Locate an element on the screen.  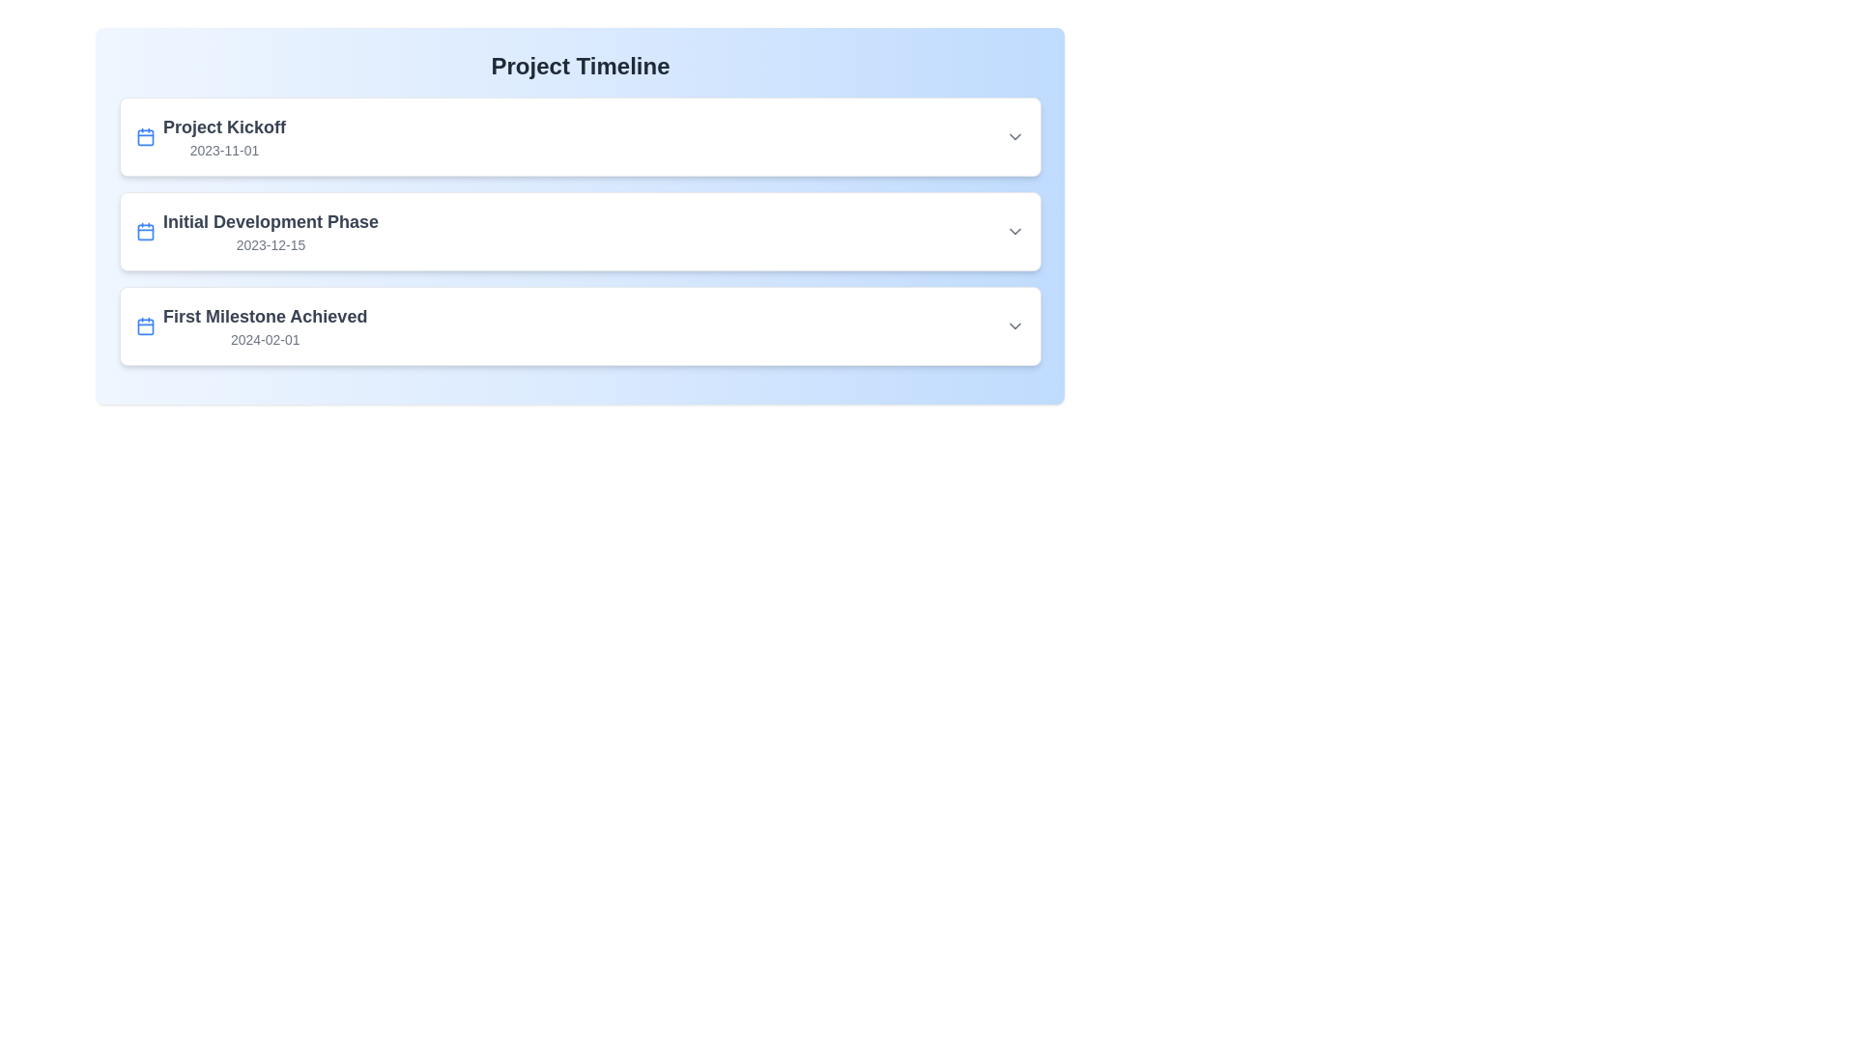
the title text element within the first card of the 'Project Timeline' is located at coordinates (224, 127).